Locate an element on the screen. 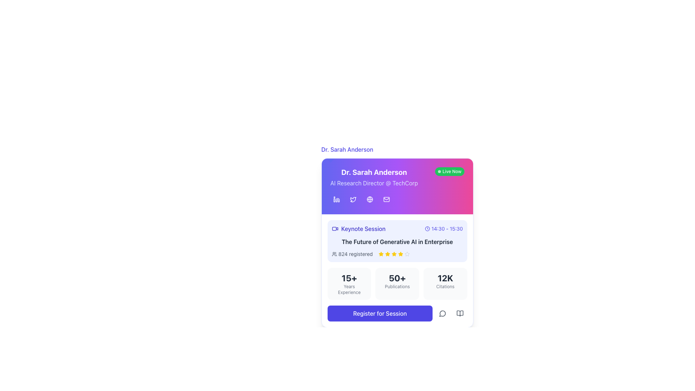  the 'Years Experience' text label, which is a small gray font displayed on a white background, located below the header '15+' is located at coordinates (349, 289).